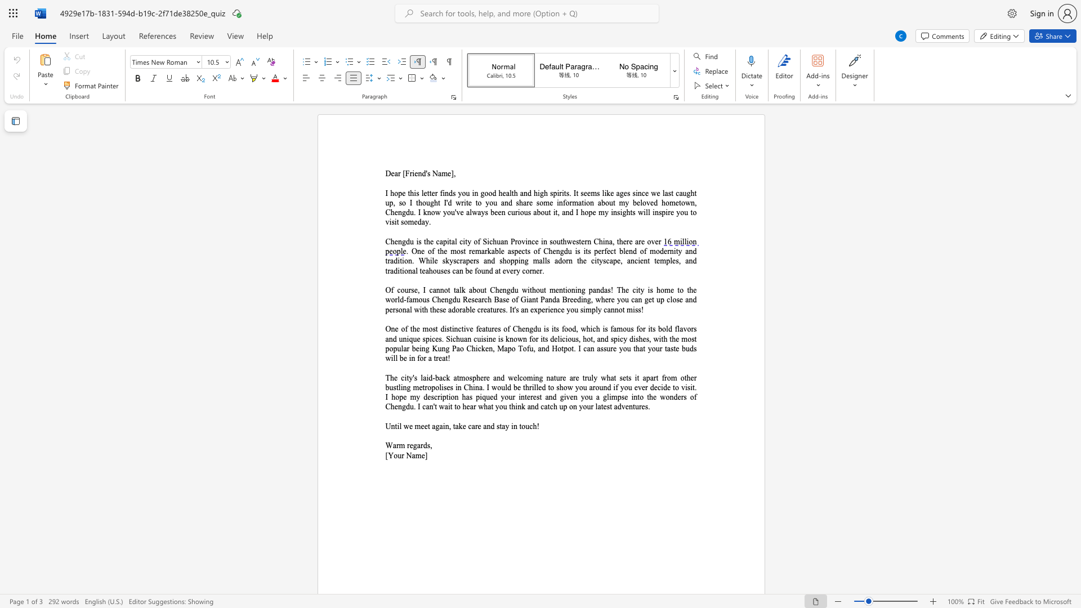 This screenshot has height=608, width=1081. Describe the element at coordinates (405, 173) in the screenshot. I see `the space between the continuous character "[" and "F" in the text` at that location.